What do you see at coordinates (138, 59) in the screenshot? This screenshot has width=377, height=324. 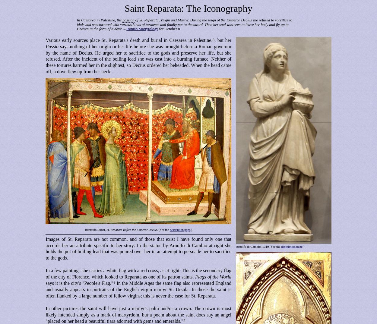 I see `'says nothing of her origin or her life before she was brought before a Roman governor by the name of Decius. He urged her to sacrifice to the gods and preserve her life, but she refused. After the incident of the boiling lead she was cast into a burning furnace. Neither of these tortures harmed her in the slightest, so Decius ordered her beheaded. When the head came off, a dove flew up from her neck.'` at bounding box center [138, 59].